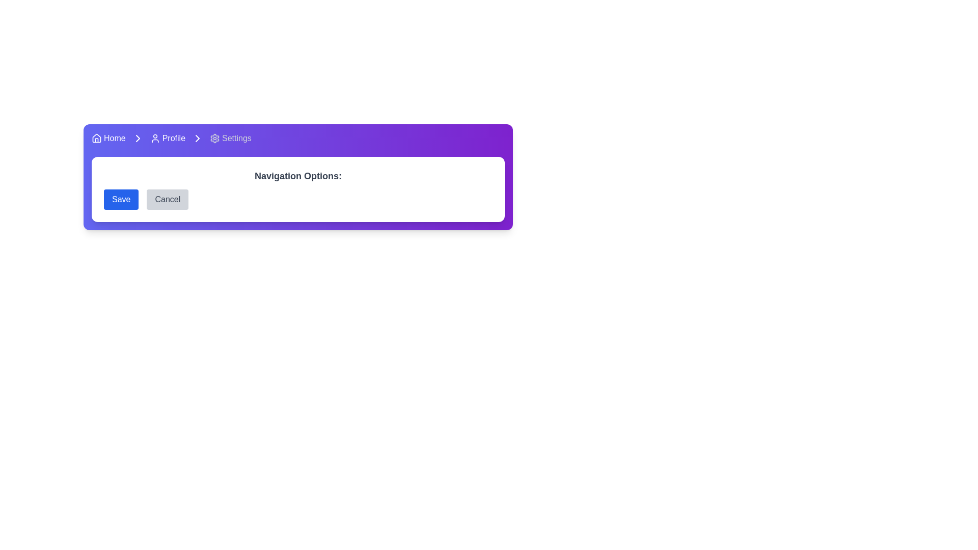 The width and height of the screenshot is (978, 550). Describe the element at coordinates (137, 139) in the screenshot. I see `right-facing chevron icon located in the navigation interface between the 'Profile' and 'Settings' text elements` at that location.